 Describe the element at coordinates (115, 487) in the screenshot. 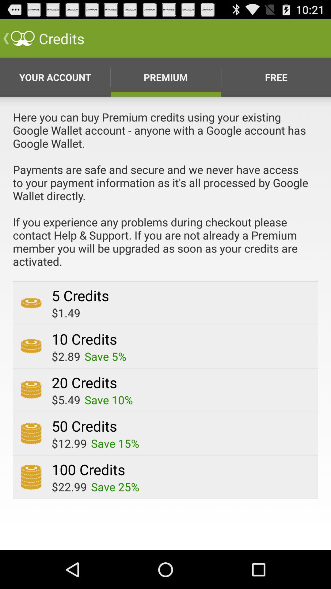

I see `save 25% app` at that location.